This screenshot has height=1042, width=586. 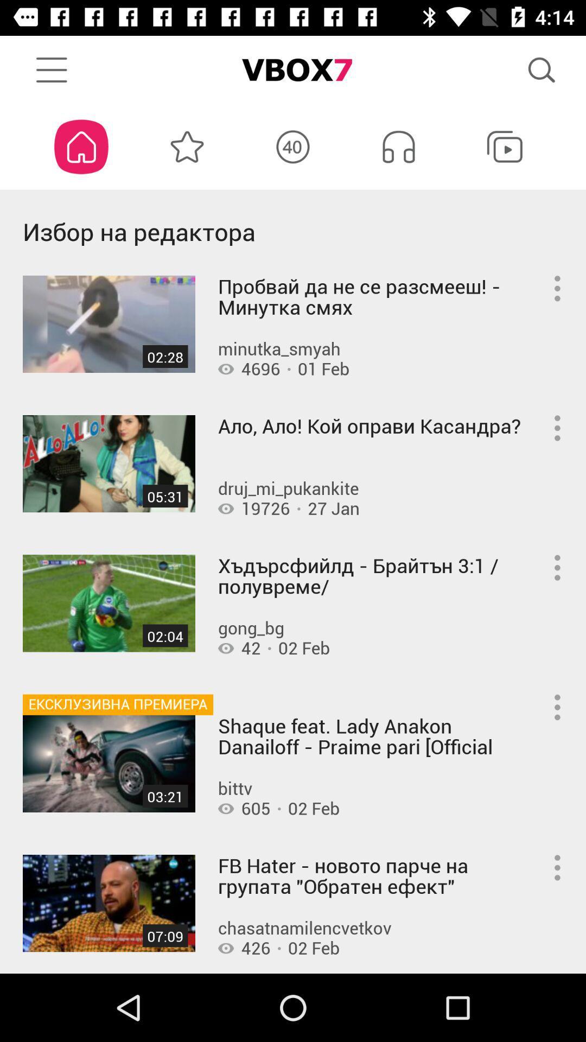 I want to click on the fourth menu button, so click(x=557, y=707).